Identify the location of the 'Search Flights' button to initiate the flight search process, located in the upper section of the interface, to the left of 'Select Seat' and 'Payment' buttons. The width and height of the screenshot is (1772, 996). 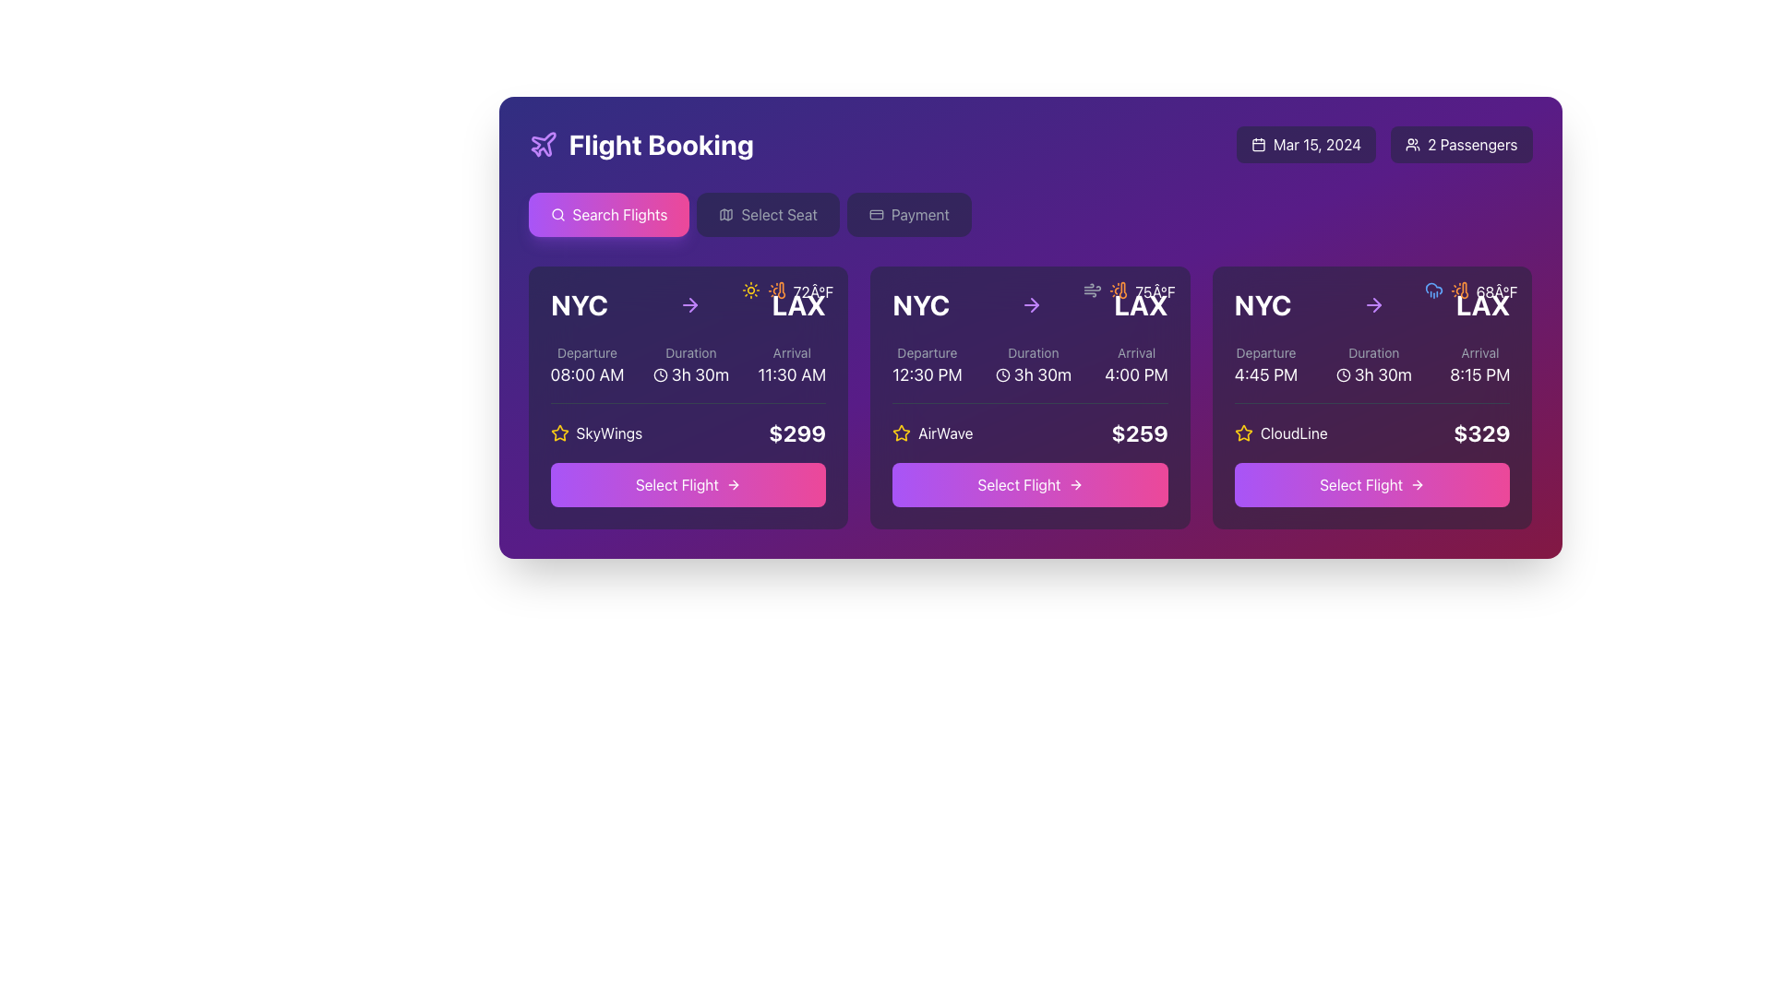
(620, 213).